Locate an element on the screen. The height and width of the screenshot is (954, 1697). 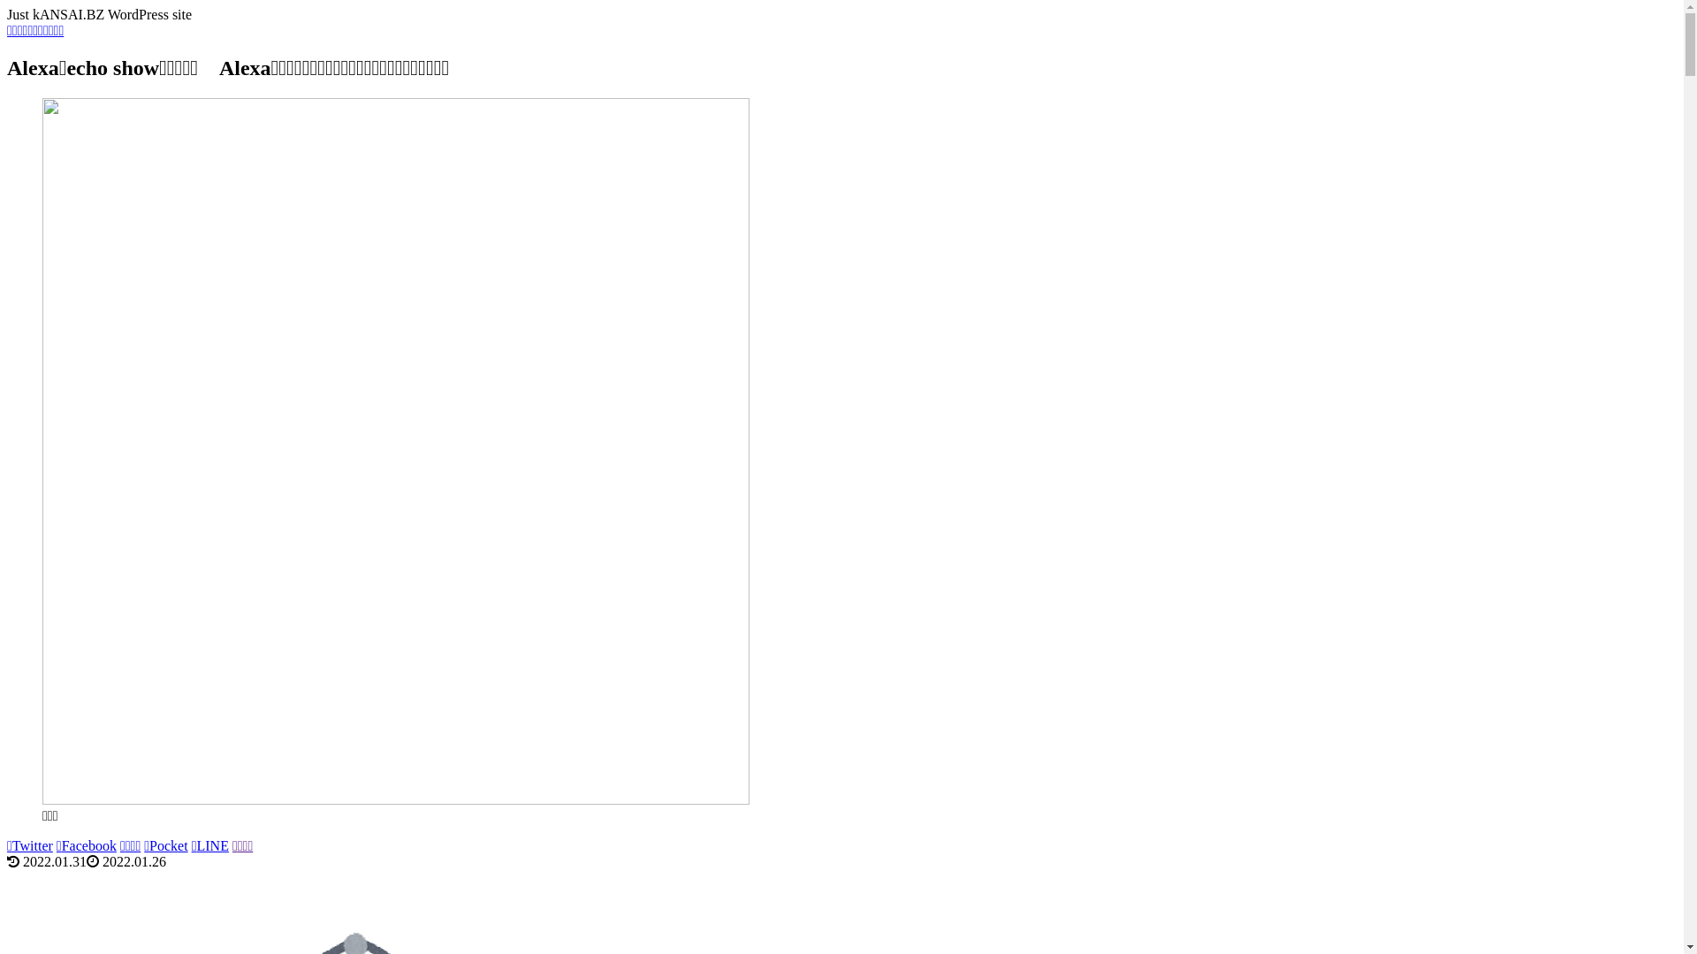
'Twitter' is located at coordinates (29, 844).